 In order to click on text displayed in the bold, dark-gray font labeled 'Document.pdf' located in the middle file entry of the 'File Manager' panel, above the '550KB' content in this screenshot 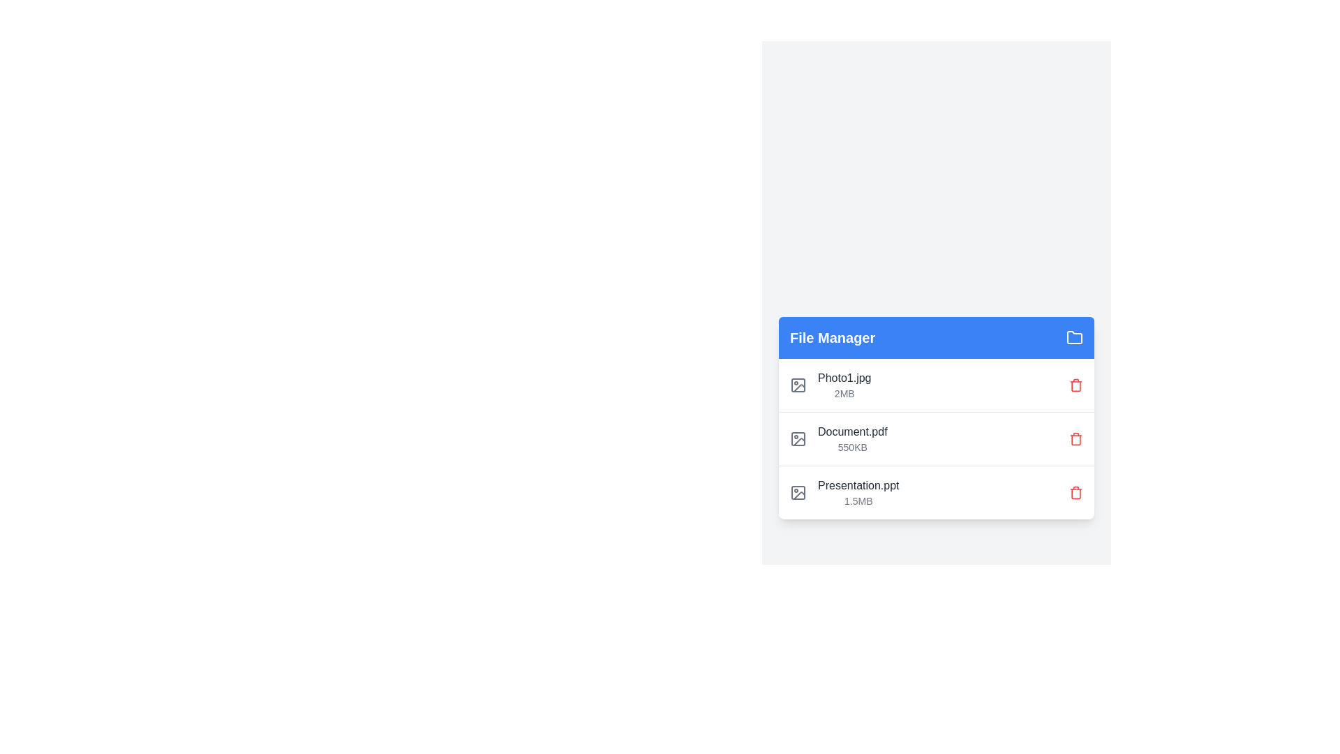, I will do `click(851, 431)`.